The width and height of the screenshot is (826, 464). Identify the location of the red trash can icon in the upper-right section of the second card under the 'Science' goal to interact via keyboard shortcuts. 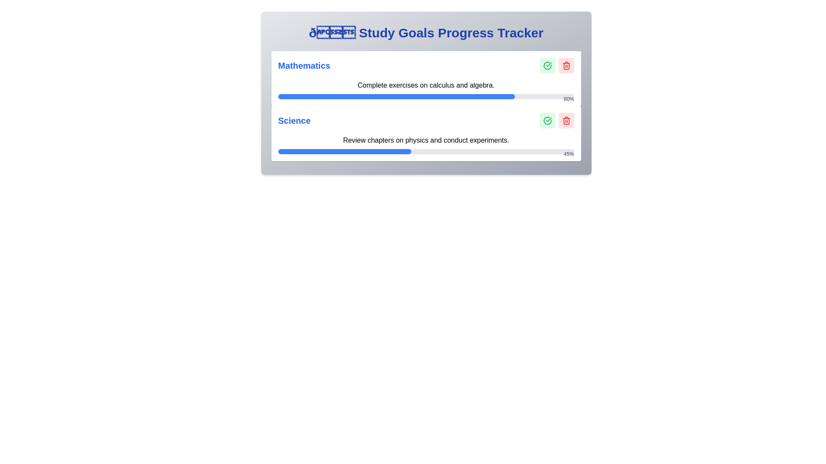
(566, 121).